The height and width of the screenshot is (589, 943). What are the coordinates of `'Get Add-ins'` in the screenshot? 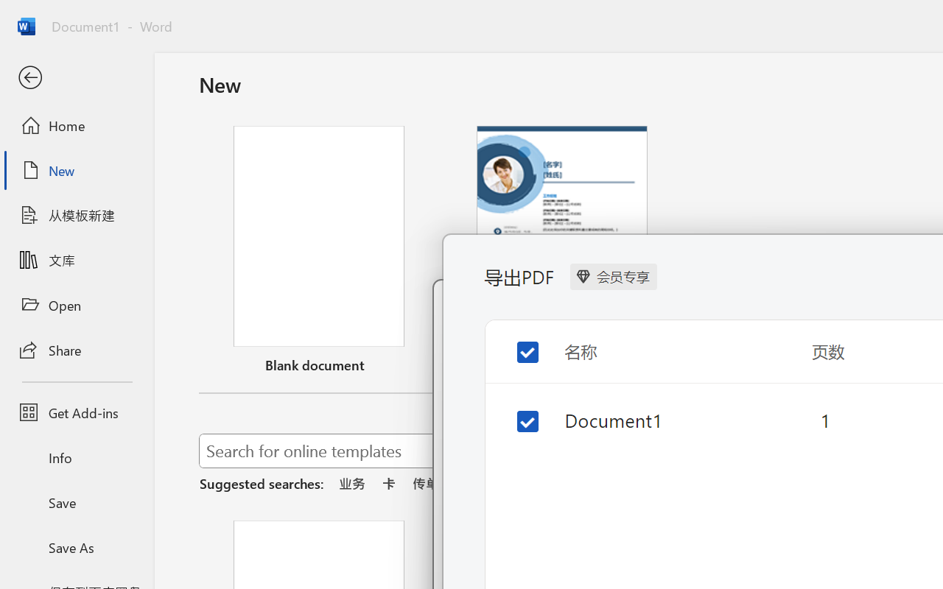 It's located at (76, 412).